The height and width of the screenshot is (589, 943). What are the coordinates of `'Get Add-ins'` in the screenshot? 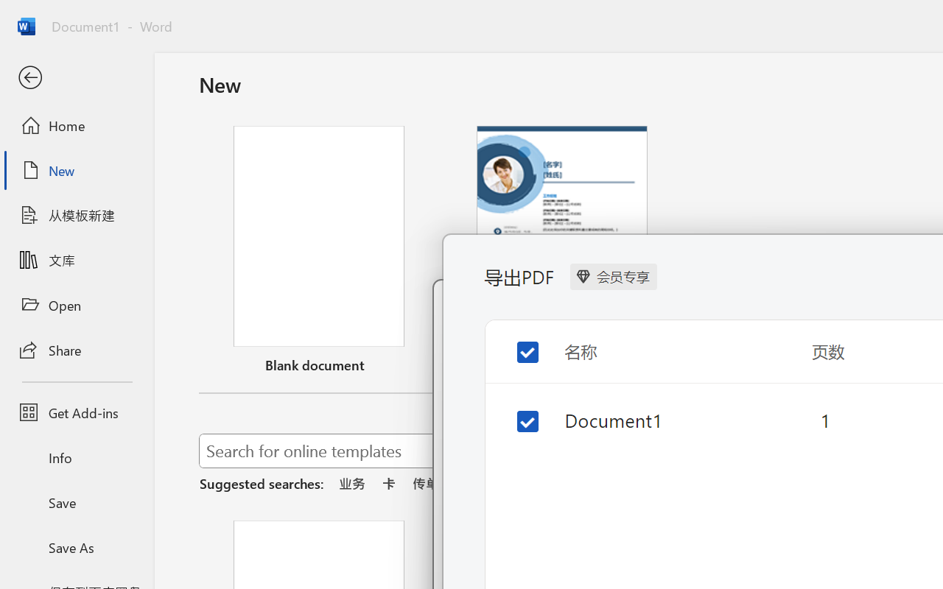 It's located at (76, 412).